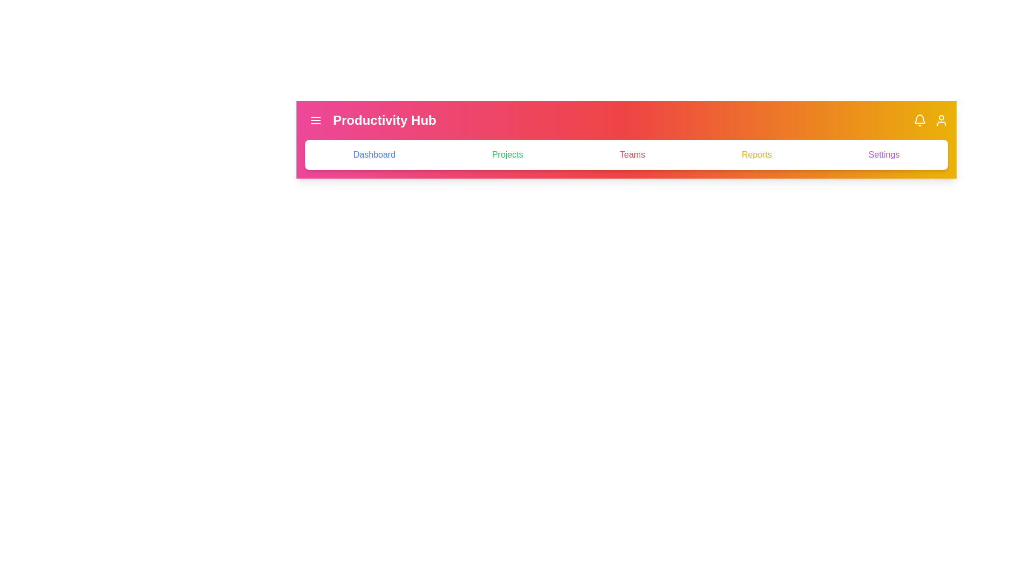 This screenshot has height=581, width=1033. Describe the element at coordinates (315, 120) in the screenshot. I see `the menu toggle button to toggle the menu visibility` at that location.